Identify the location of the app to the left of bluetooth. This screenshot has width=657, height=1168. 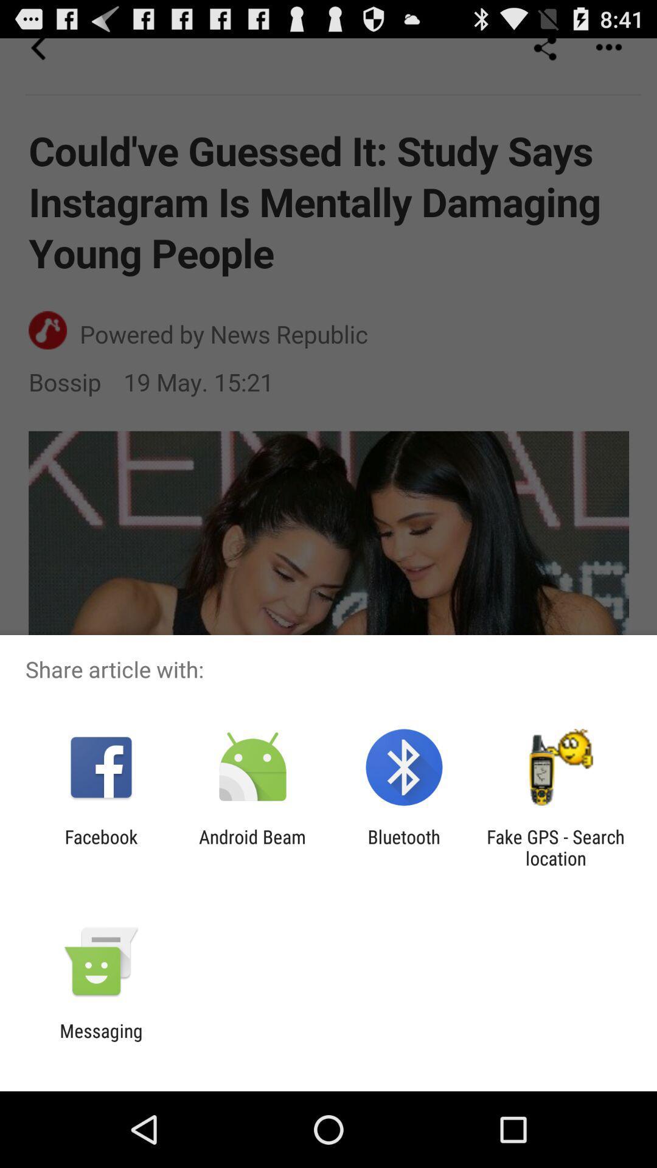
(252, 847).